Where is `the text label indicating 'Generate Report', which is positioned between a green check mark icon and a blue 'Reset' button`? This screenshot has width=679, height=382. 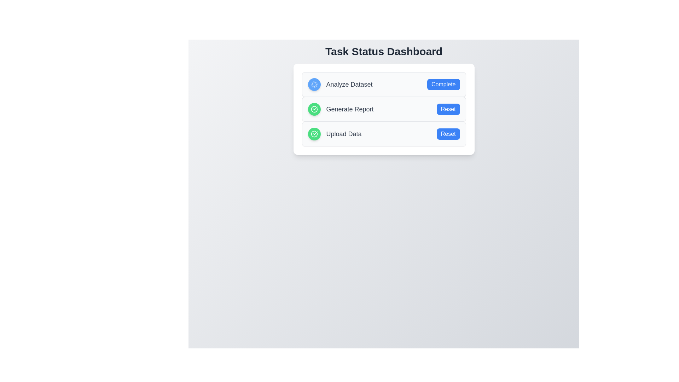
the text label indicating 'Generate Report', which is positioned between a green check mark icon and a blue 'Reset' button is located at coordinates (350, 109).